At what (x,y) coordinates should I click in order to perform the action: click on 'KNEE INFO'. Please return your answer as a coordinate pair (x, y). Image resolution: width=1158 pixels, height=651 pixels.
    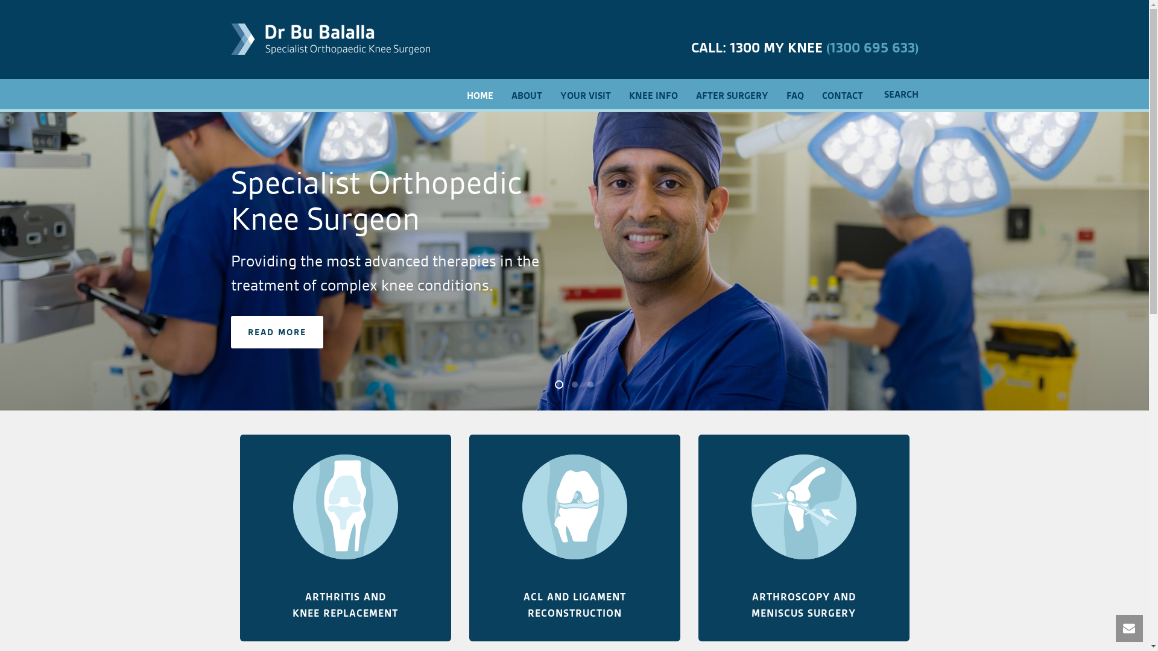
    Looking at the image, I should click on (653, 94).